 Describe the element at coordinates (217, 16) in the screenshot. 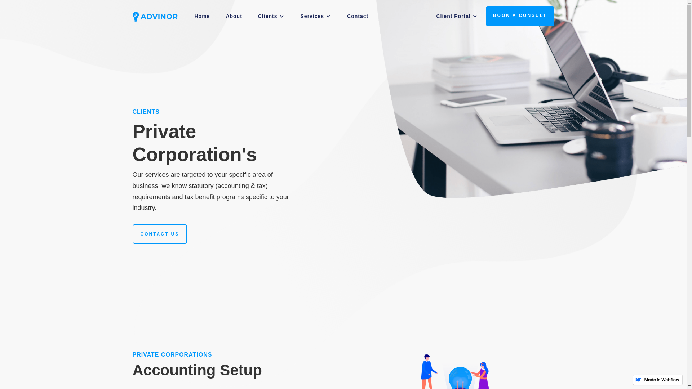

I see `'About'` at that location.